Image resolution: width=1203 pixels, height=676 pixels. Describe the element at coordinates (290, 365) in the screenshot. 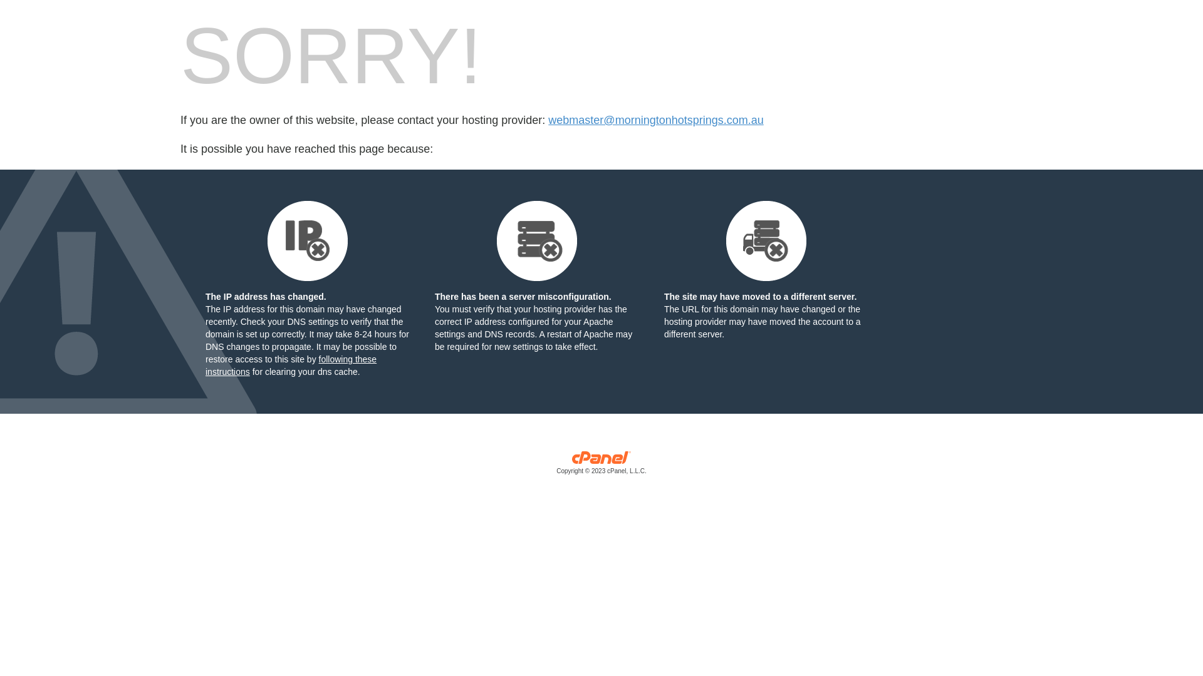

I see `'following these instructions'` at that location.